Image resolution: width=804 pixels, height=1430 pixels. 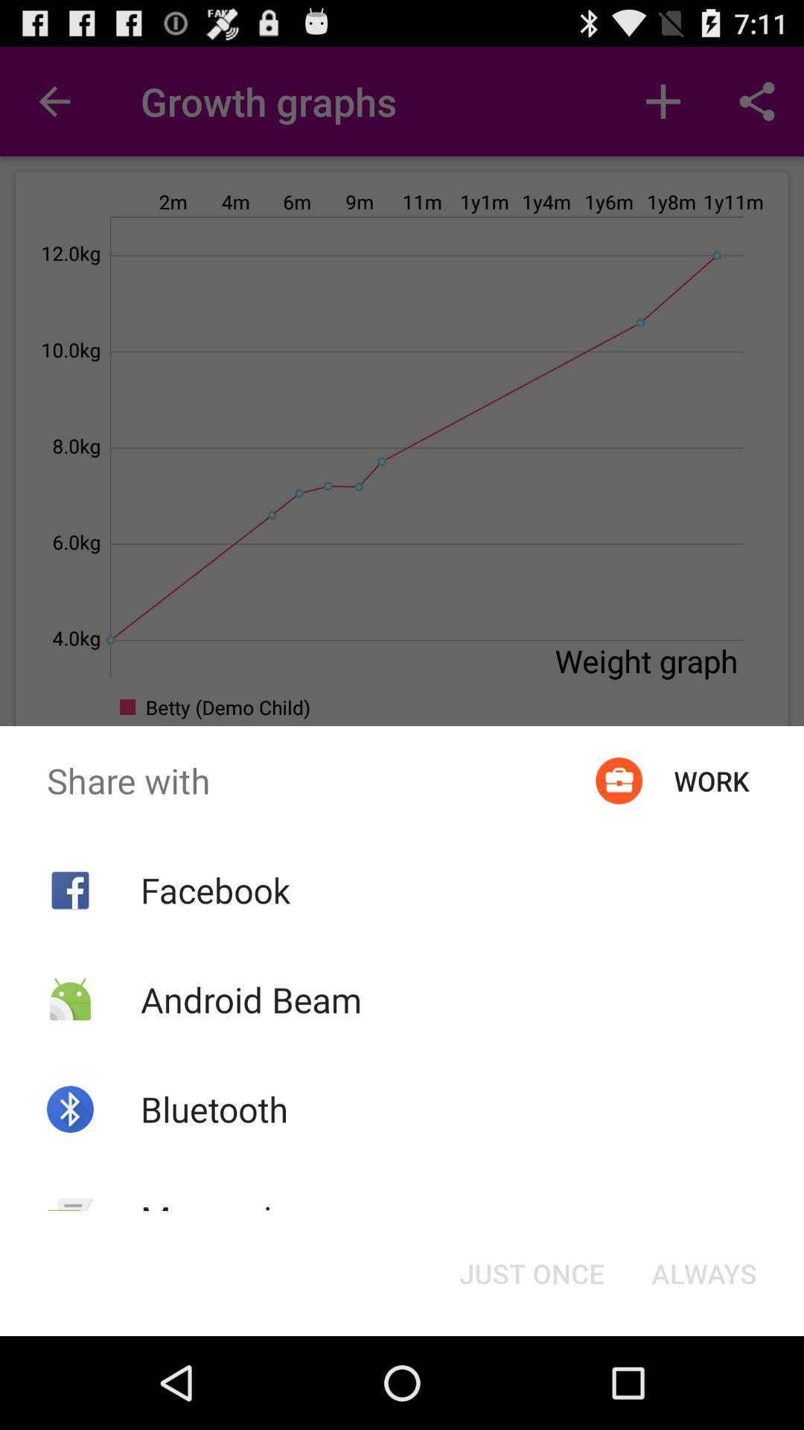 What do you see at coordinates (214, 1109) in the screenshot?
I see `the icon above the messaging icon` at bounding box center [214, 1109].